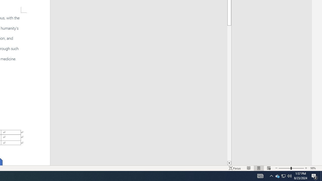 The image size is (322, 181). What do you see at coordinates (229, 163) in the screenshot?
I see `'Line down'` at bounding box center [229, 163].